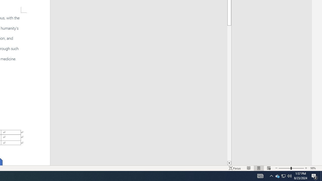 The image size is (322, 181). What do you see at coordinates (229, 163) in the screenshot?
I see `'Line down'` at bounding box center [229, 163].